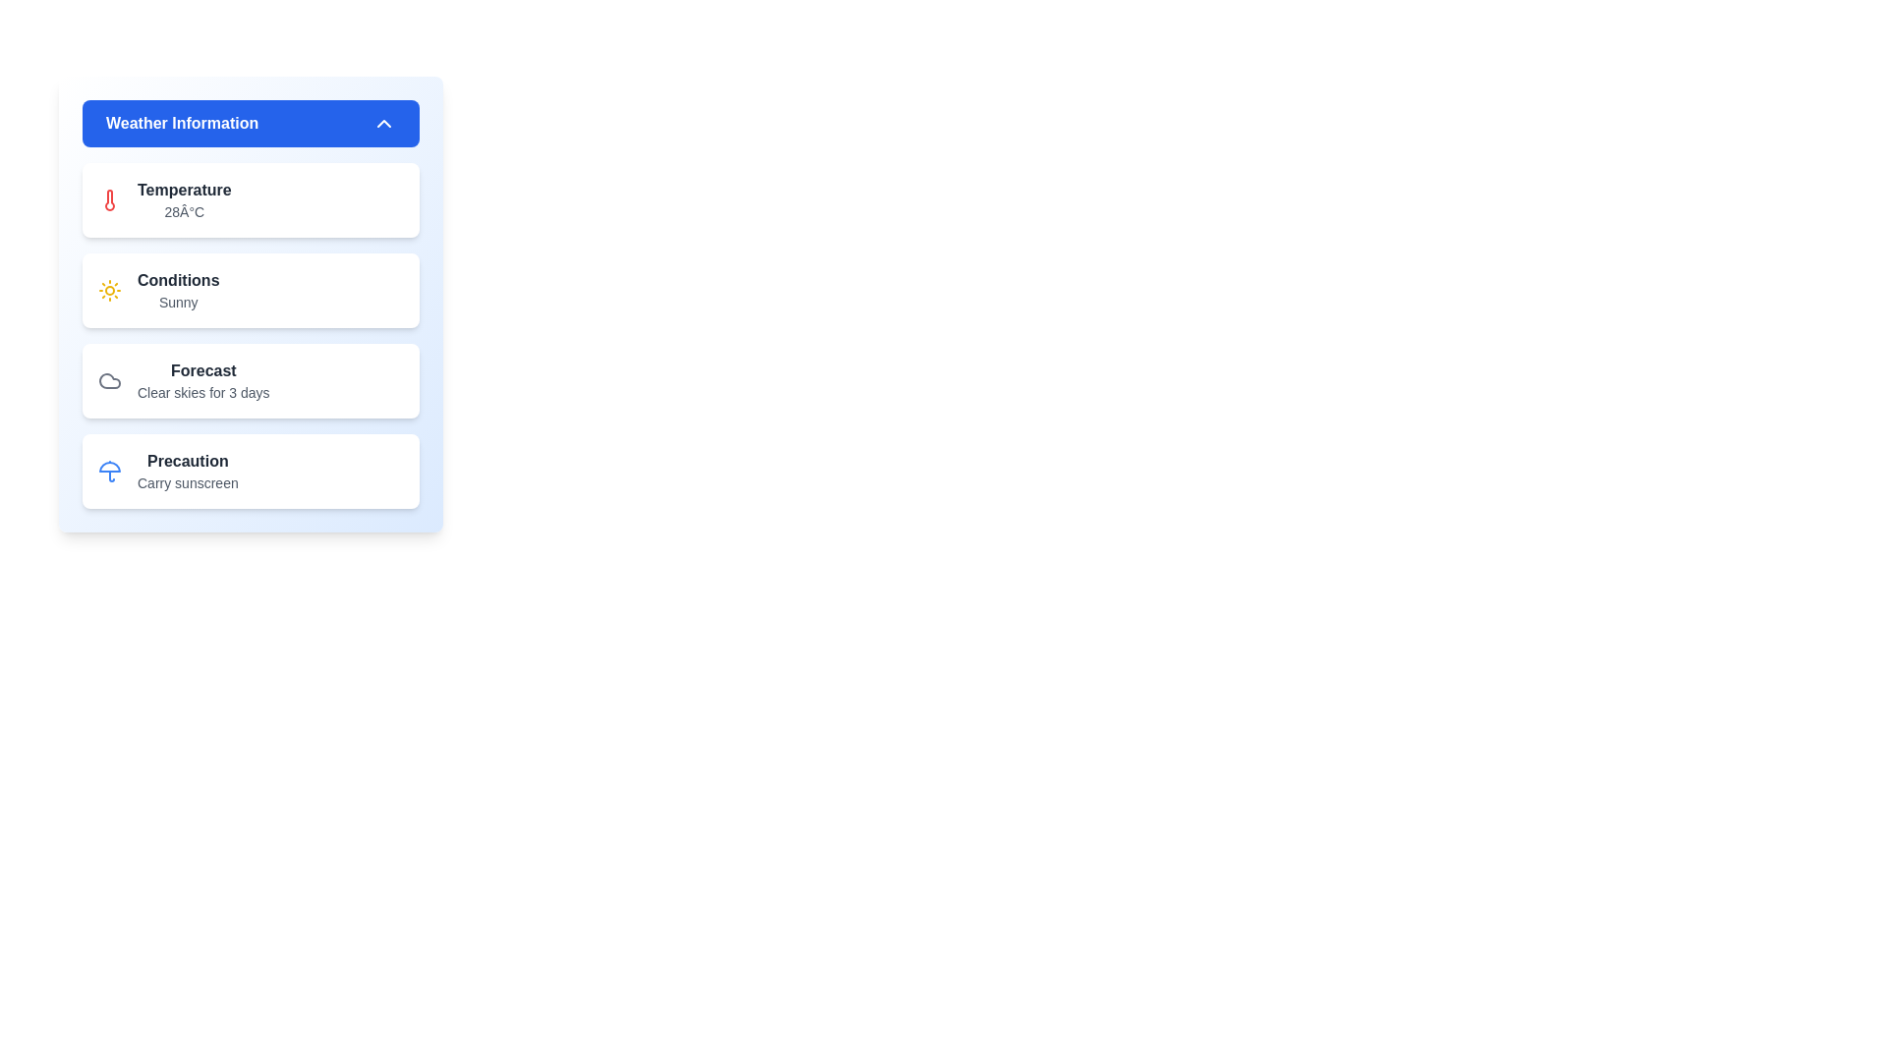 Image resolution: width=1887 pixels, height=1061 pixels. Describe the element at coordinates (184, 212) in the screenshot. I see `the temperature display text located in the topmost section of the information list, directly below the 'Temperature' label` at that location.